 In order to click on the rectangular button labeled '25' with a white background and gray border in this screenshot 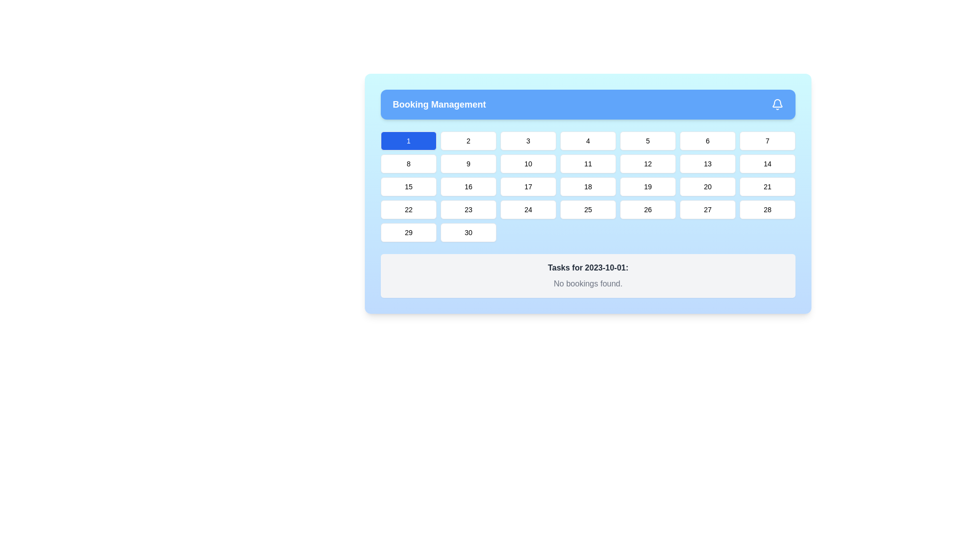, I will do `click(588, 209)`.